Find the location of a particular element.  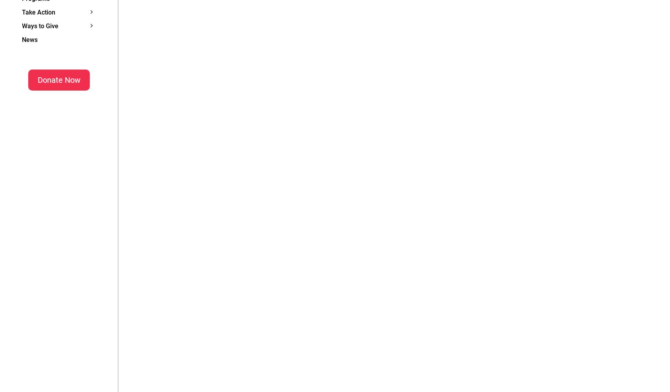

'Our Investors' is located at coordinates (149, 18).